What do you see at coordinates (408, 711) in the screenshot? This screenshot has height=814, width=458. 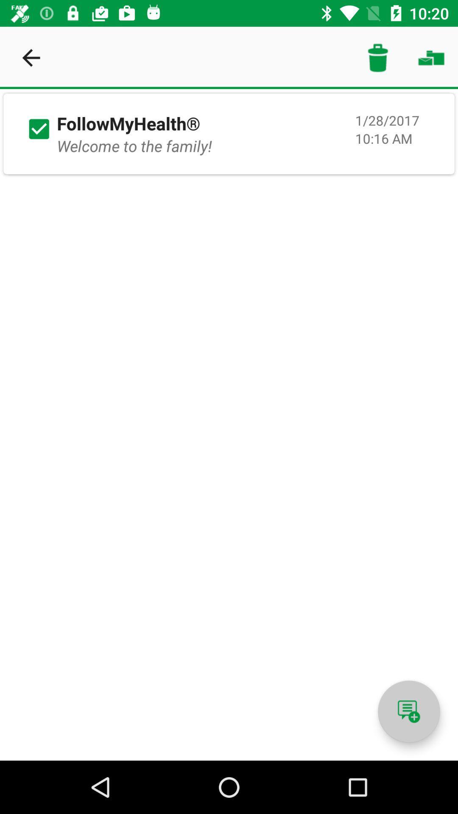 I see `the chat icon` at bounding box center [408, 711].